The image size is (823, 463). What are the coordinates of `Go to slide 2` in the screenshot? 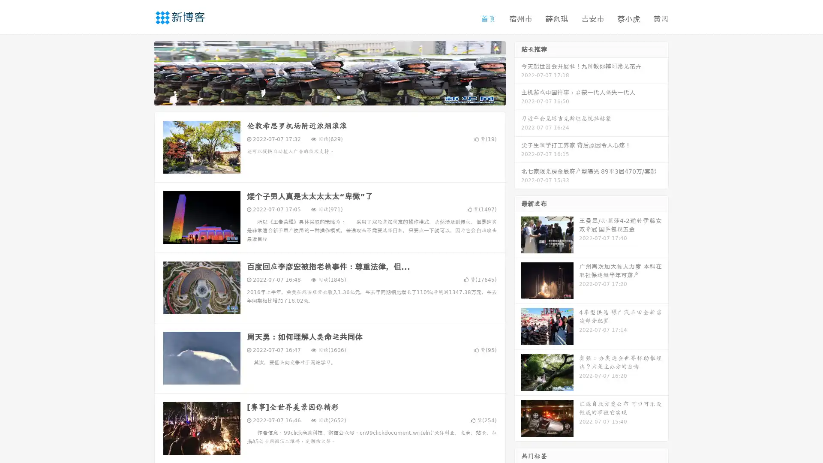 It's located at (329, 96).